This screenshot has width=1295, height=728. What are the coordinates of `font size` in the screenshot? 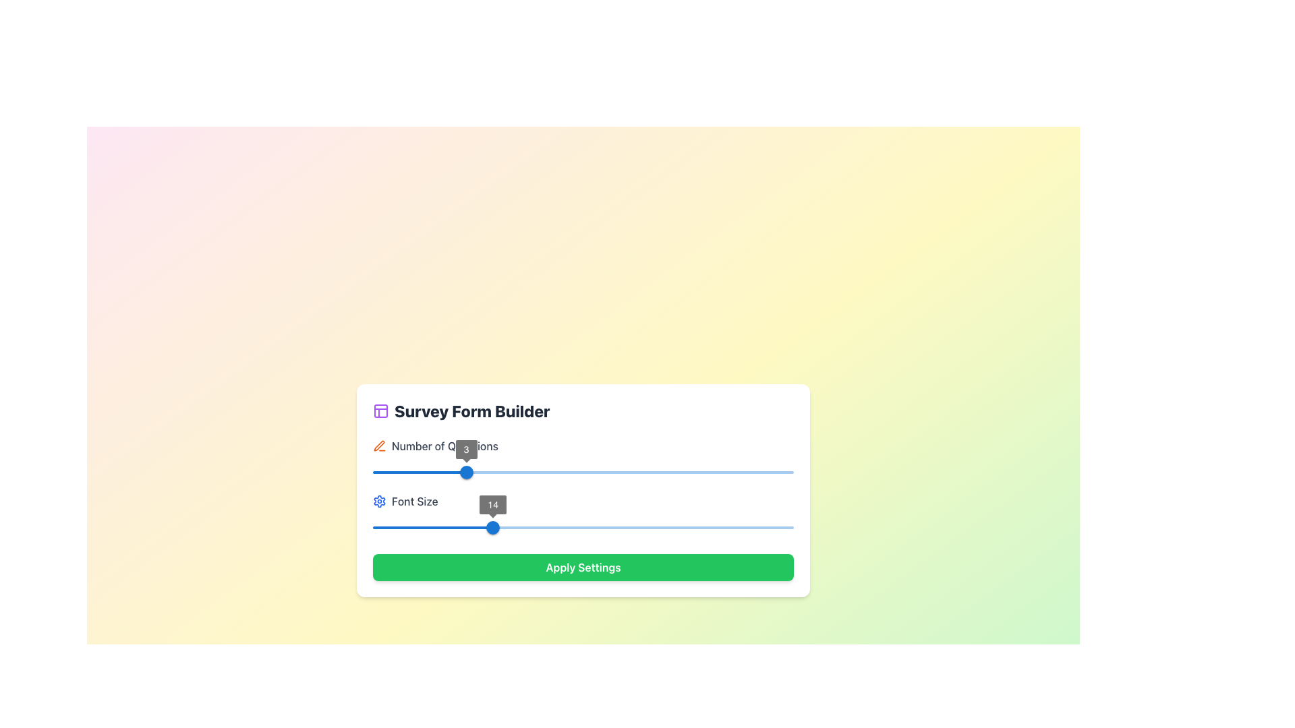 It's located at (541, 527).